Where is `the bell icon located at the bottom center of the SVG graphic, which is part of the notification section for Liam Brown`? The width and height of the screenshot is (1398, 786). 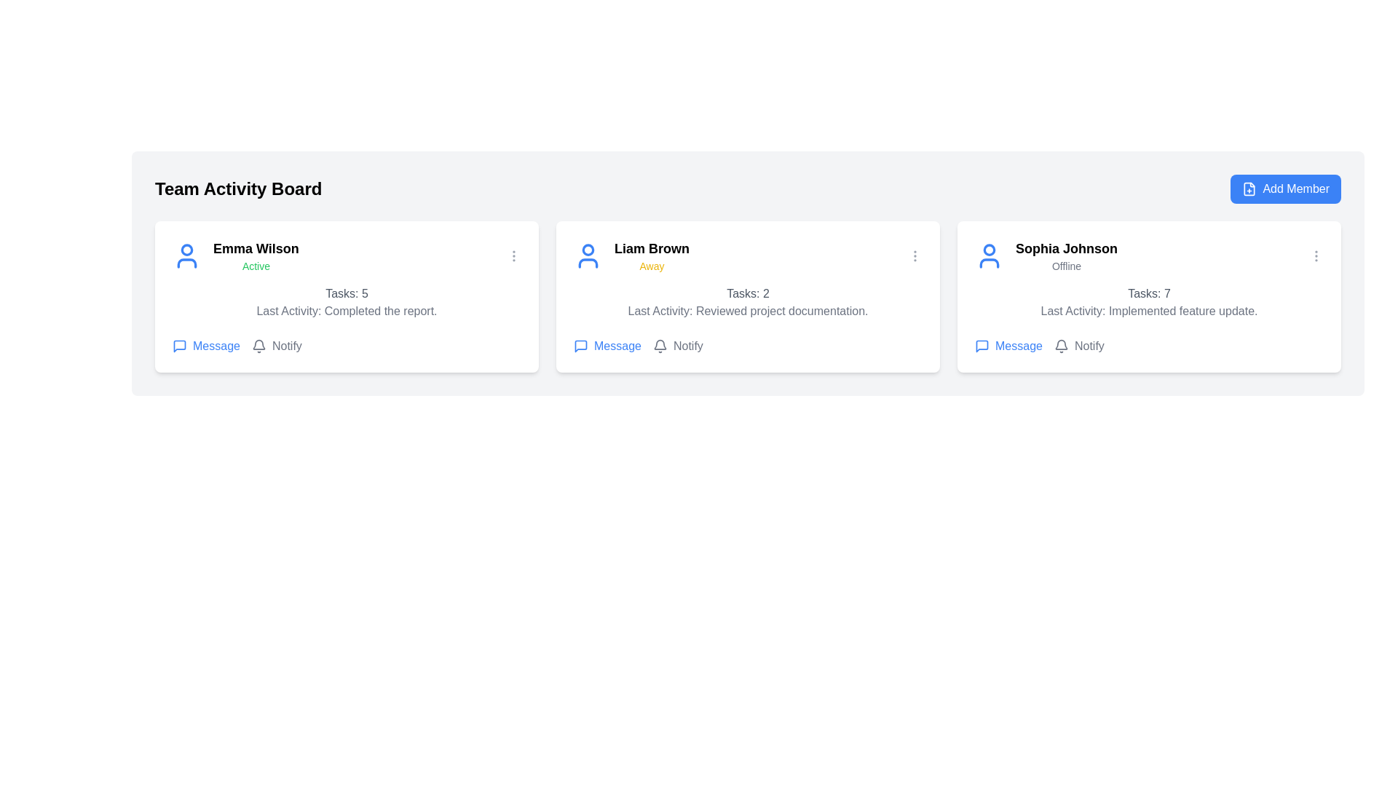 the bell icon located at the bottom center of the SVG graphic, which is part of the notification section for Liam Brown is located at coordinates (258, 344).